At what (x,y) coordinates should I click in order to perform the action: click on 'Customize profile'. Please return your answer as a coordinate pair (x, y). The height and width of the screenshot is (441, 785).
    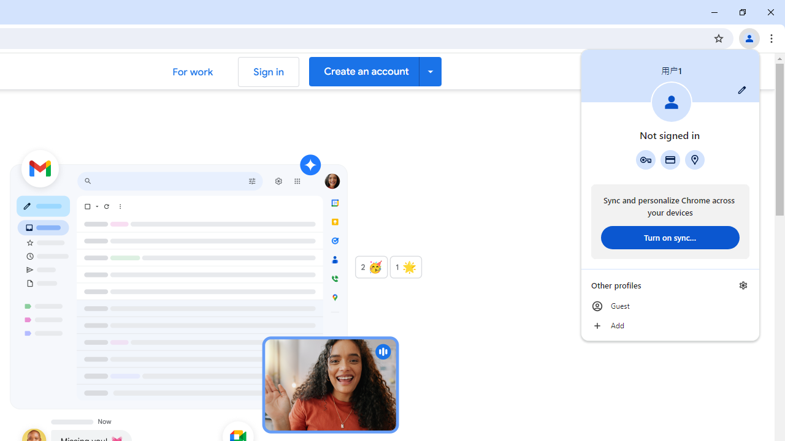
    Looking at the image, I should click on (741, 89).